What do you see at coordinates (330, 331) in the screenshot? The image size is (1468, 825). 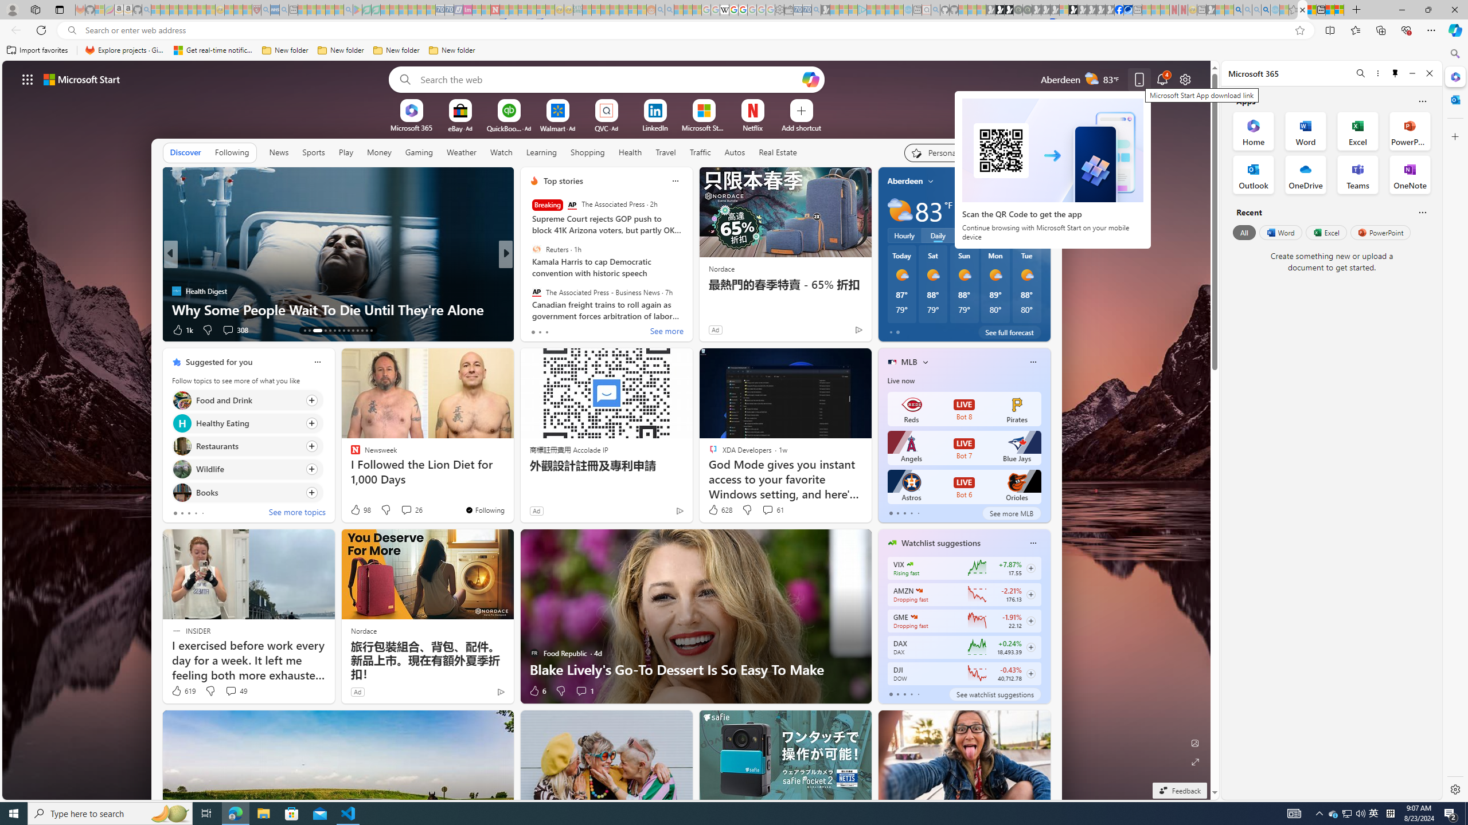 I see `'AutomationID: tab-17'` at bounding box center [330, 331].